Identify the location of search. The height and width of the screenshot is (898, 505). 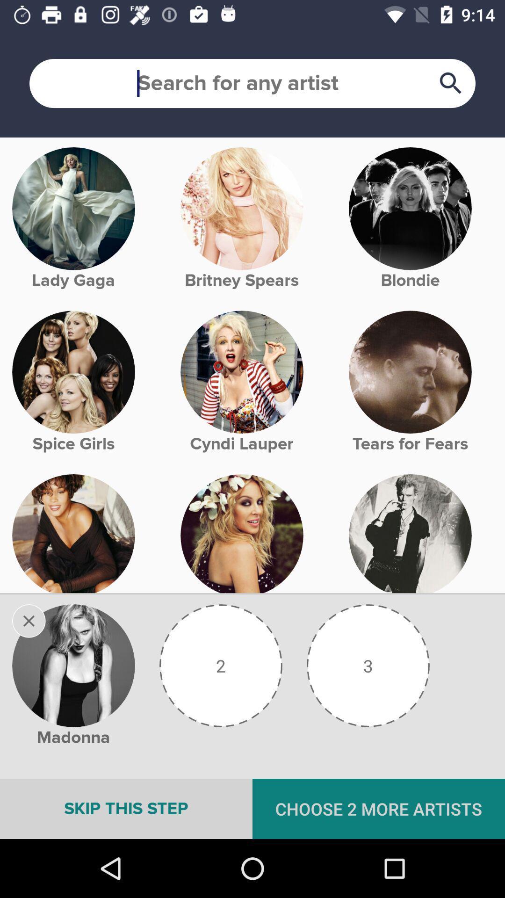
(252, 83).